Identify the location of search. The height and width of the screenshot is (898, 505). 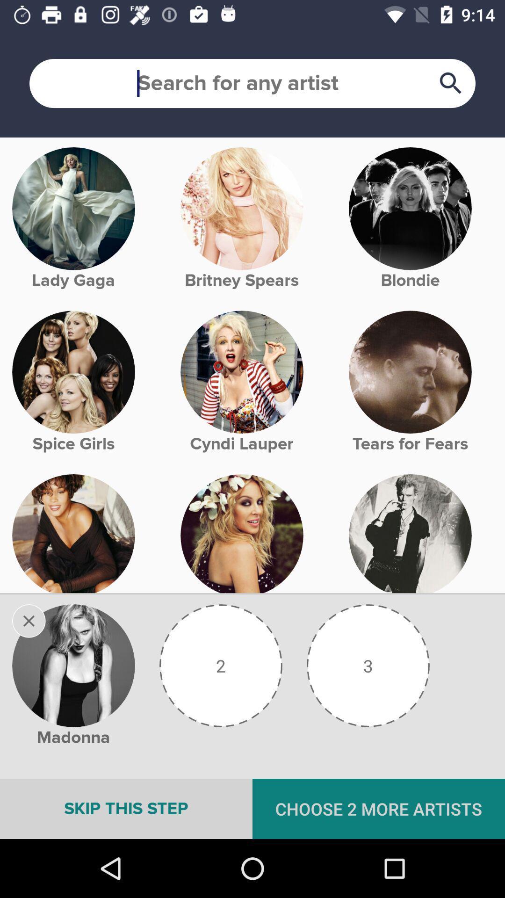
(252, 83).